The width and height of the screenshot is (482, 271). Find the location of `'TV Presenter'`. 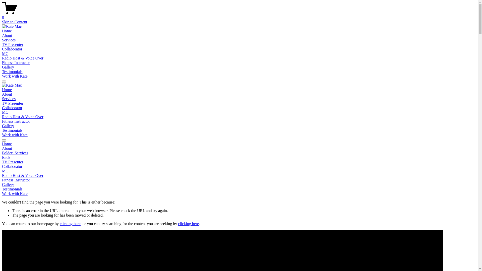

'TV Presenter' is located at coordinates (13, 103).